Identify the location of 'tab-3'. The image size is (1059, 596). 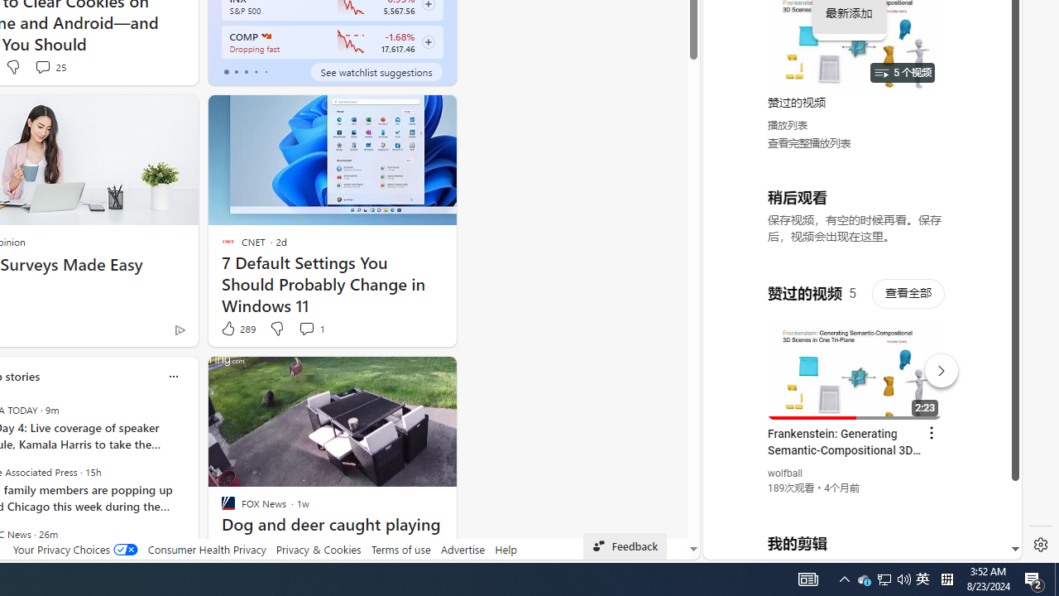
(255, 71).